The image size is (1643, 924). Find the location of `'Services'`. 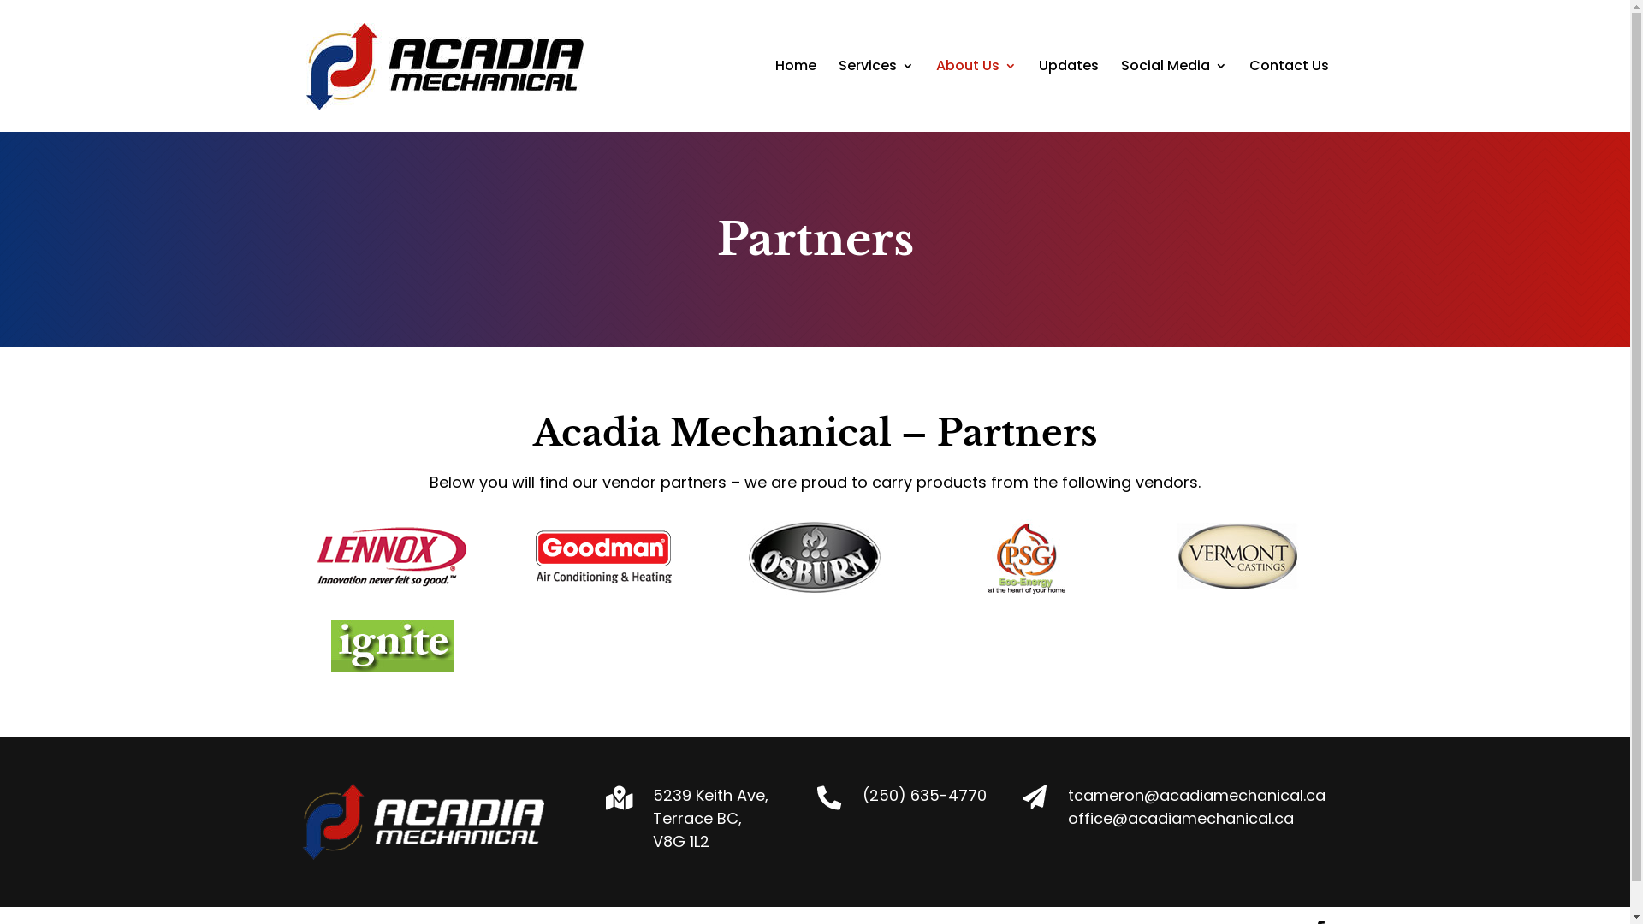

'Services' is located at coordinates (875, 95).